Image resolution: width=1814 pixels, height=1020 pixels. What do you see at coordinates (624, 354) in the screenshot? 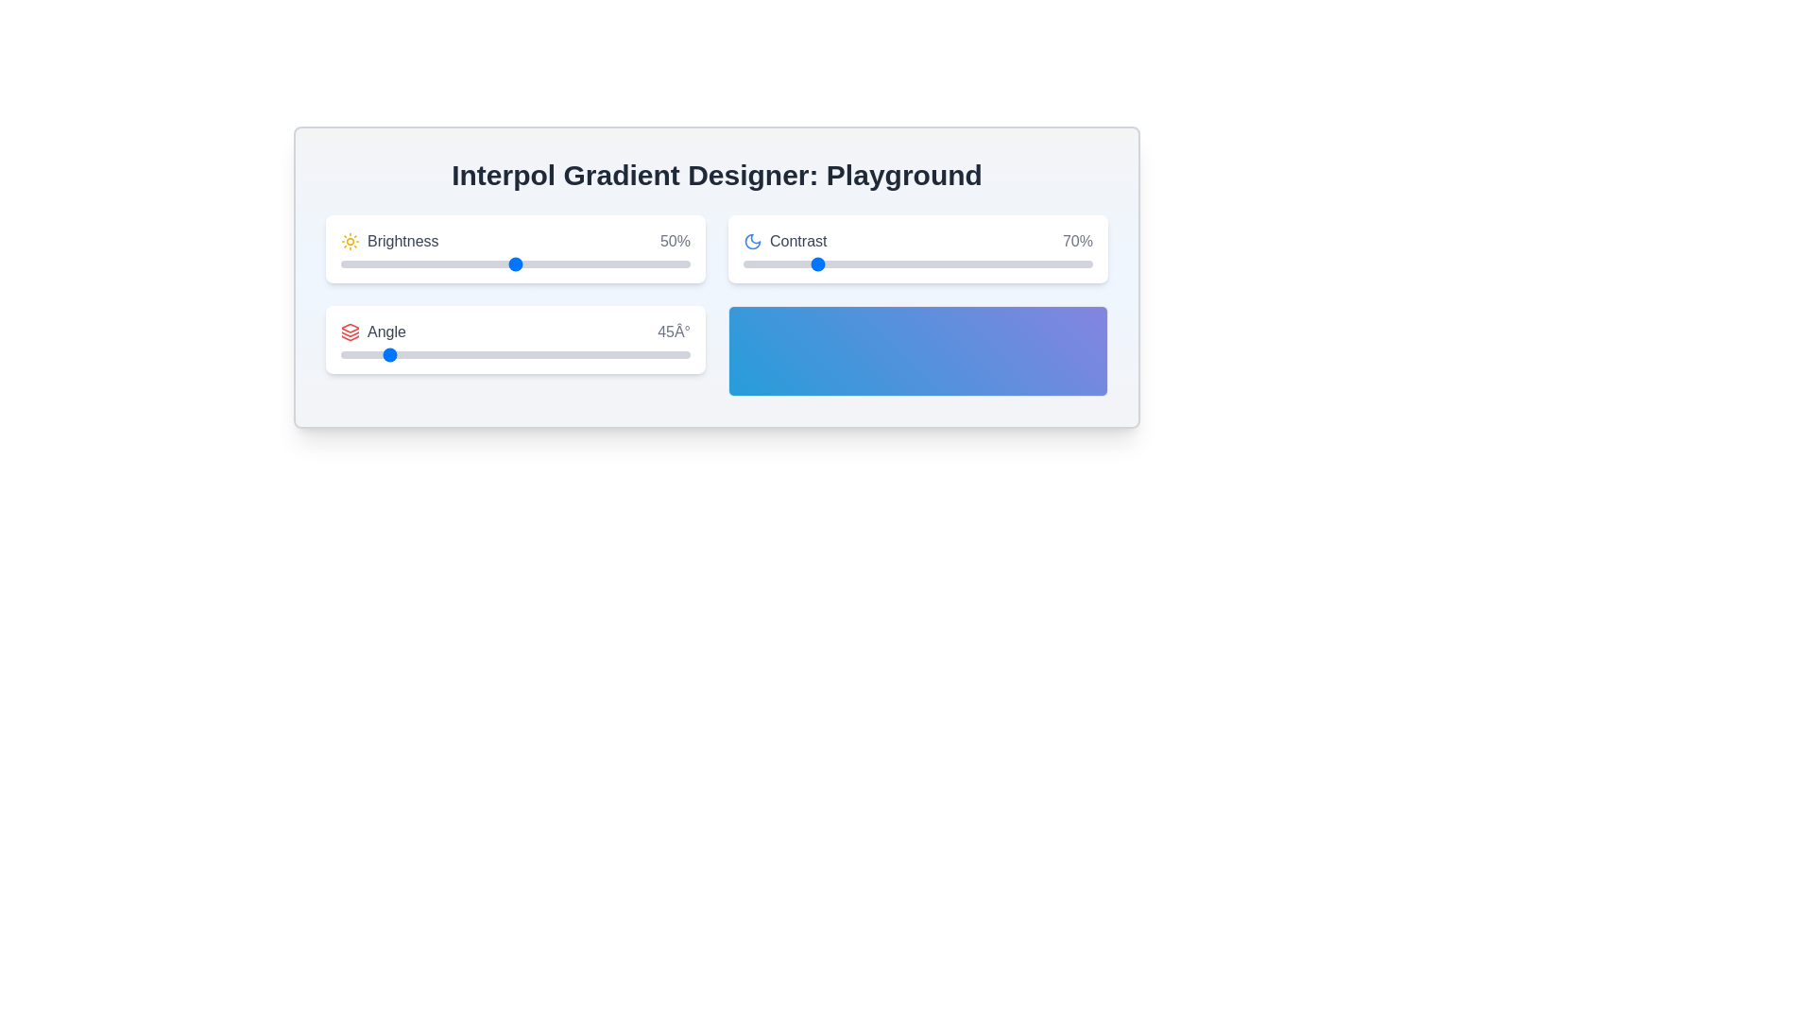
I see `the angle slider` at bounding box center [624, 354].